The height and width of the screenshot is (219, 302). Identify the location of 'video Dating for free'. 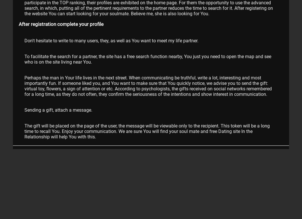
(139, 179).